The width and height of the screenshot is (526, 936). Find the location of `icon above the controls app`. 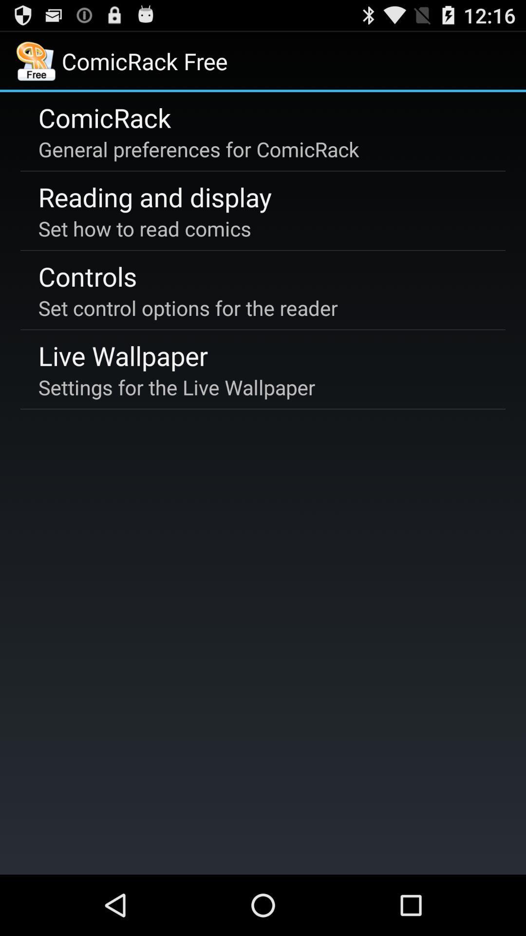

icon above the controls app is located at coordinates (145, 228).